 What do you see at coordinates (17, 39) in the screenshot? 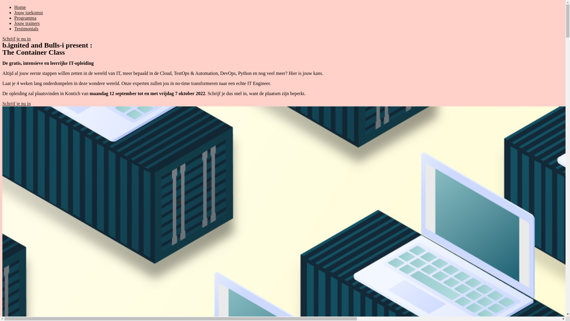
I see `'Schrijf je nu in'` at bounding box center [17, 39].